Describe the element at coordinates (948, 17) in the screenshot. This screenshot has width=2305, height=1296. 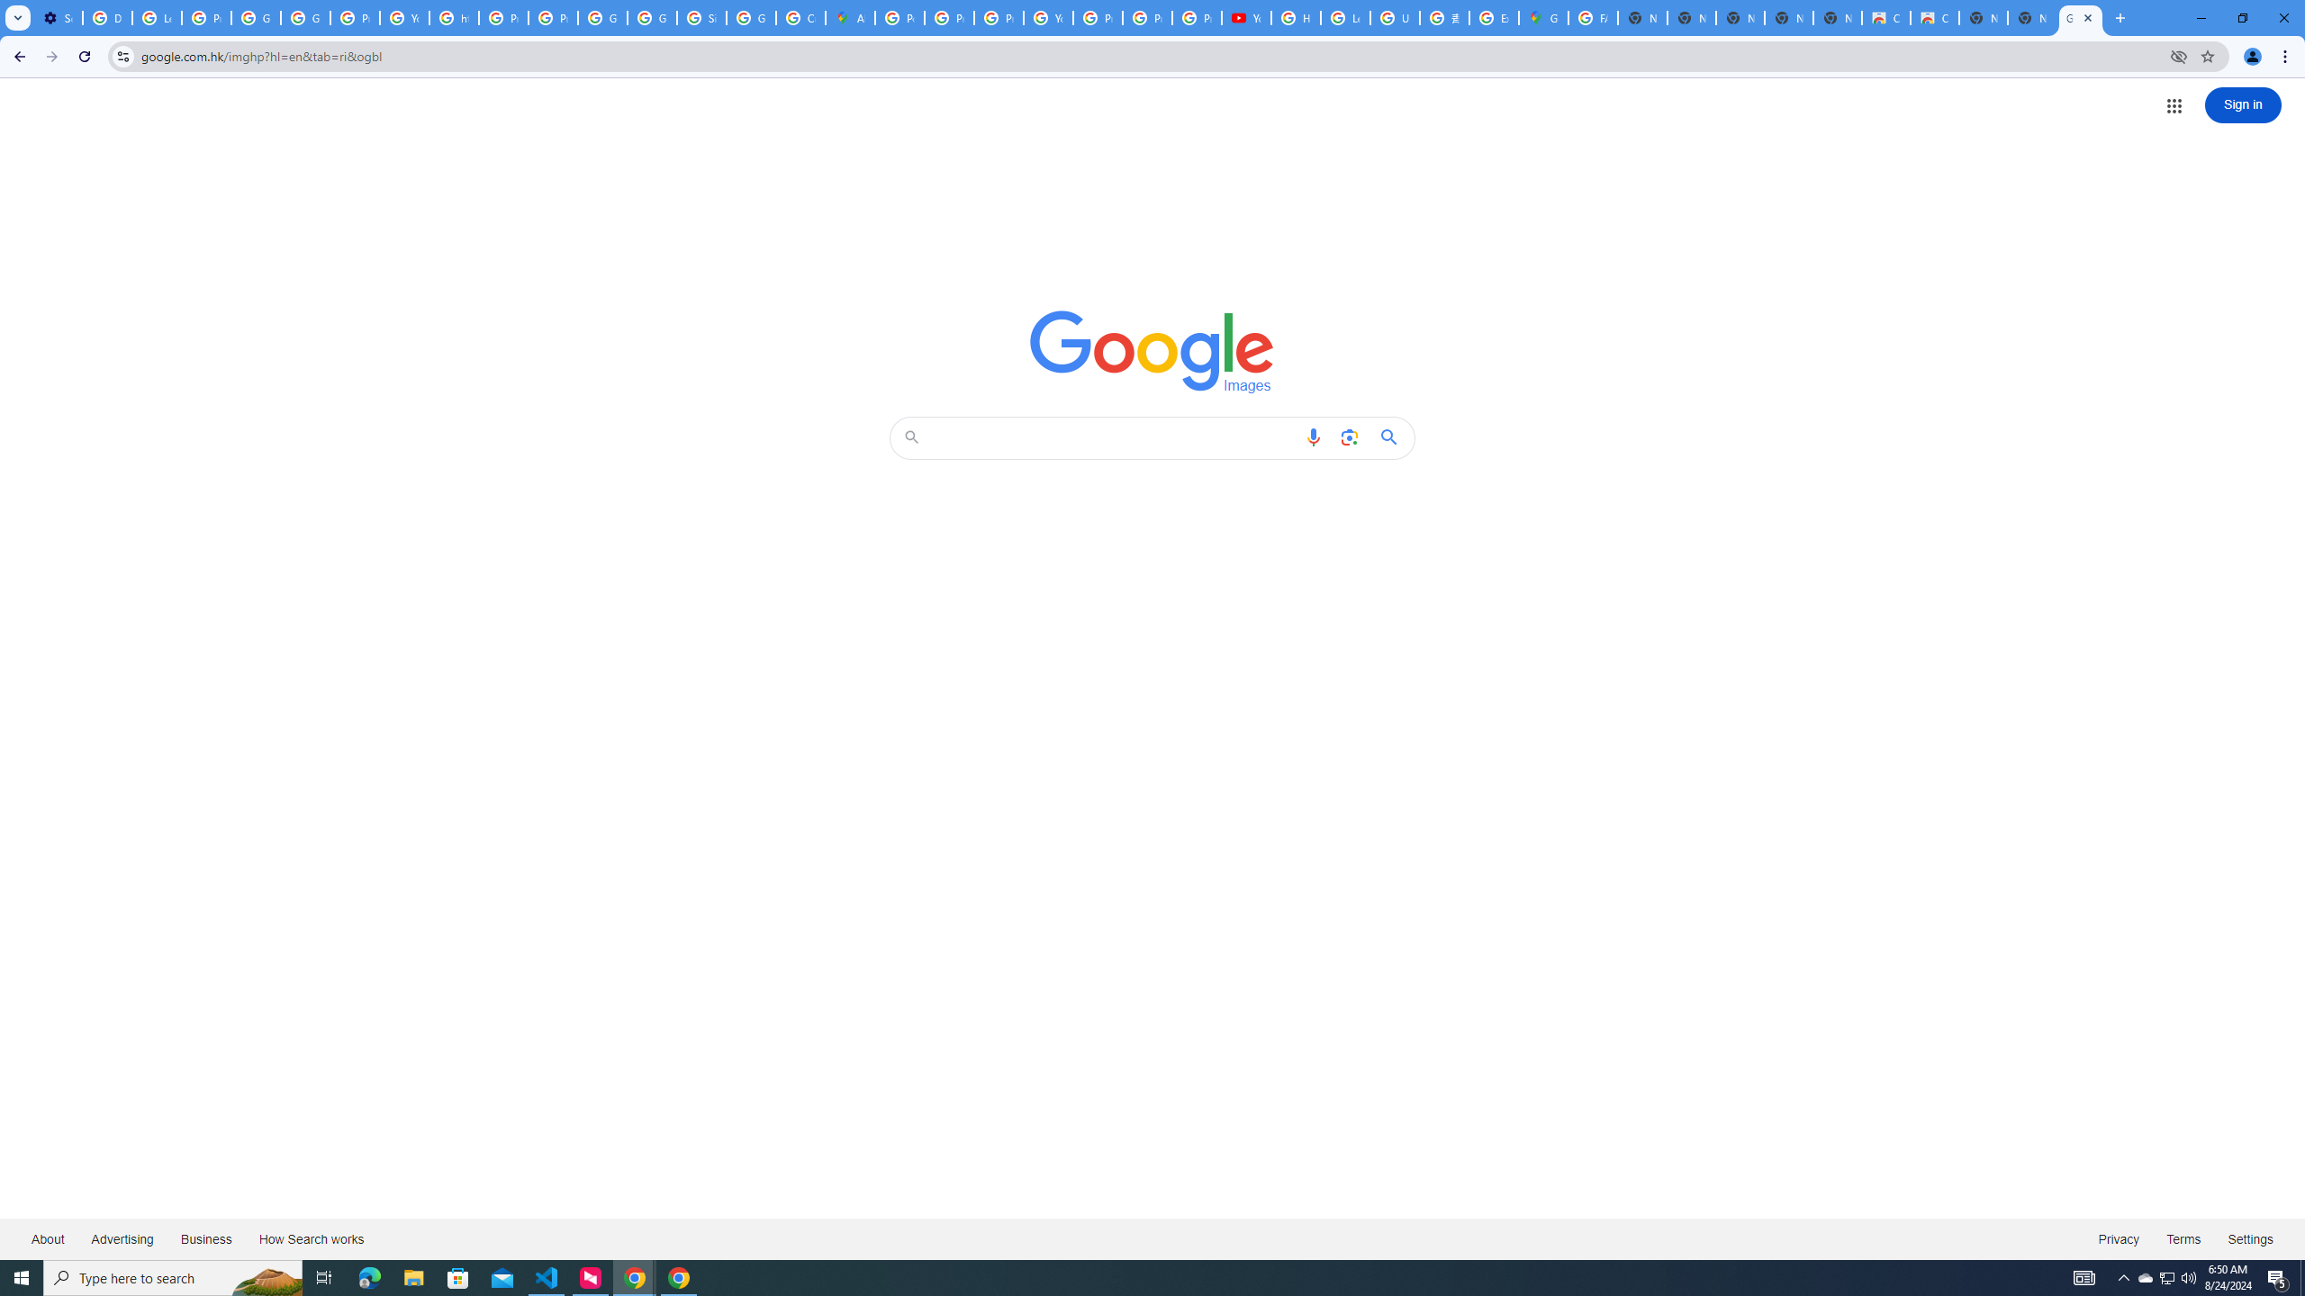
I see `'Privacy Help Center - Policies Help'` at that location.